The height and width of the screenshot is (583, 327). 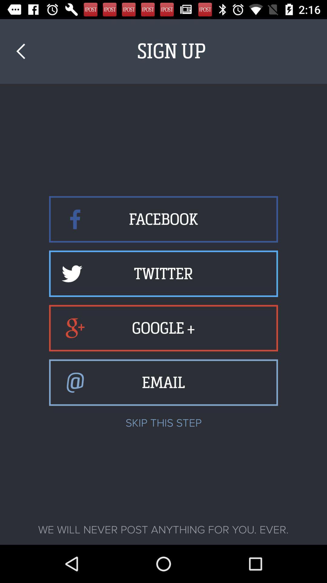 I want to click on item next to sign up icon, so click(x=20, y=51).